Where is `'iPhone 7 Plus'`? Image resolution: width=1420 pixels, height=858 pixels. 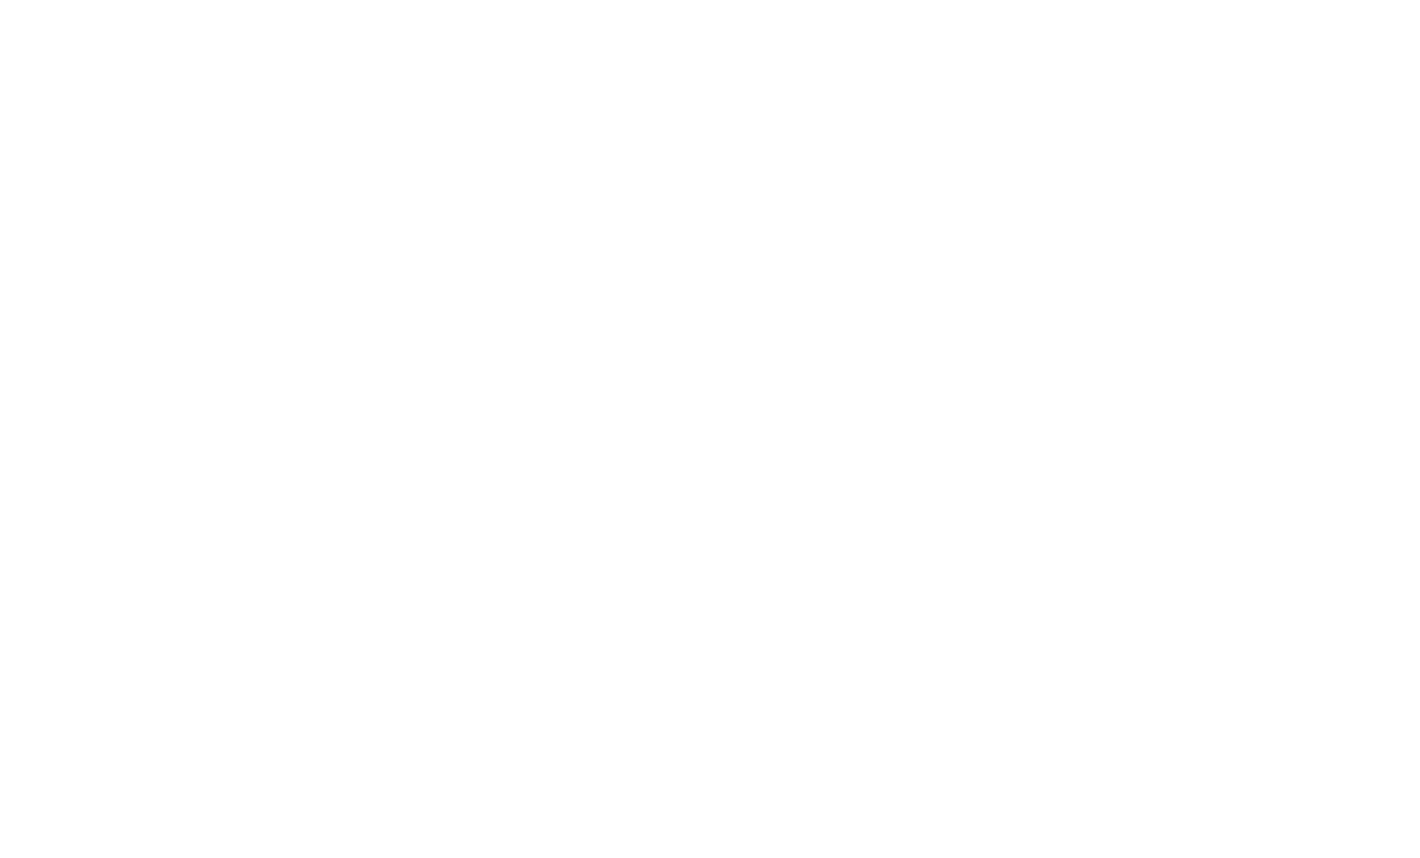
'iPhone 7 Plus' is located at coordinates (592, 64).